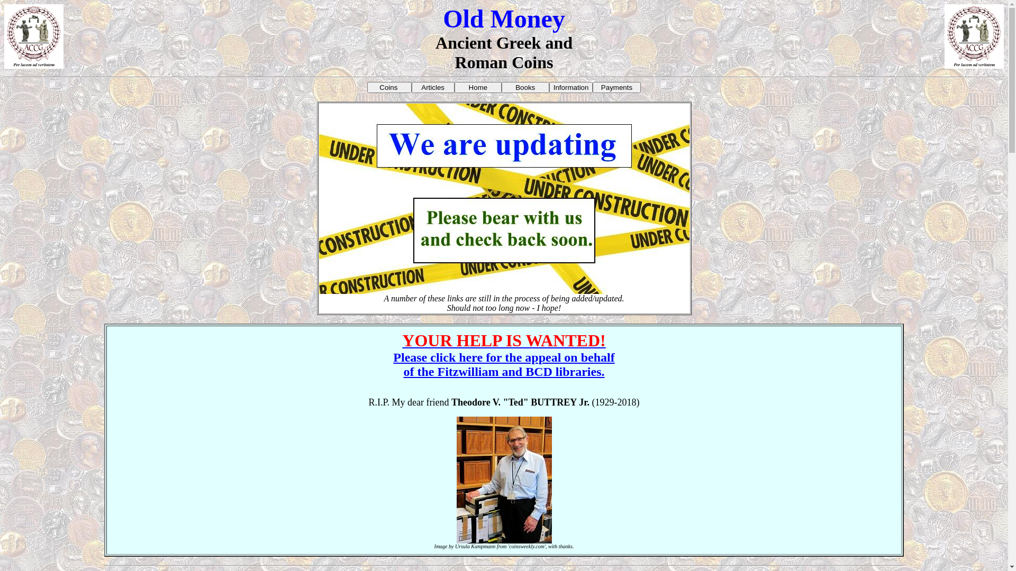  Describe the element at coordinates (549, 87) in the screenshot. I see `'Information'` at that location.